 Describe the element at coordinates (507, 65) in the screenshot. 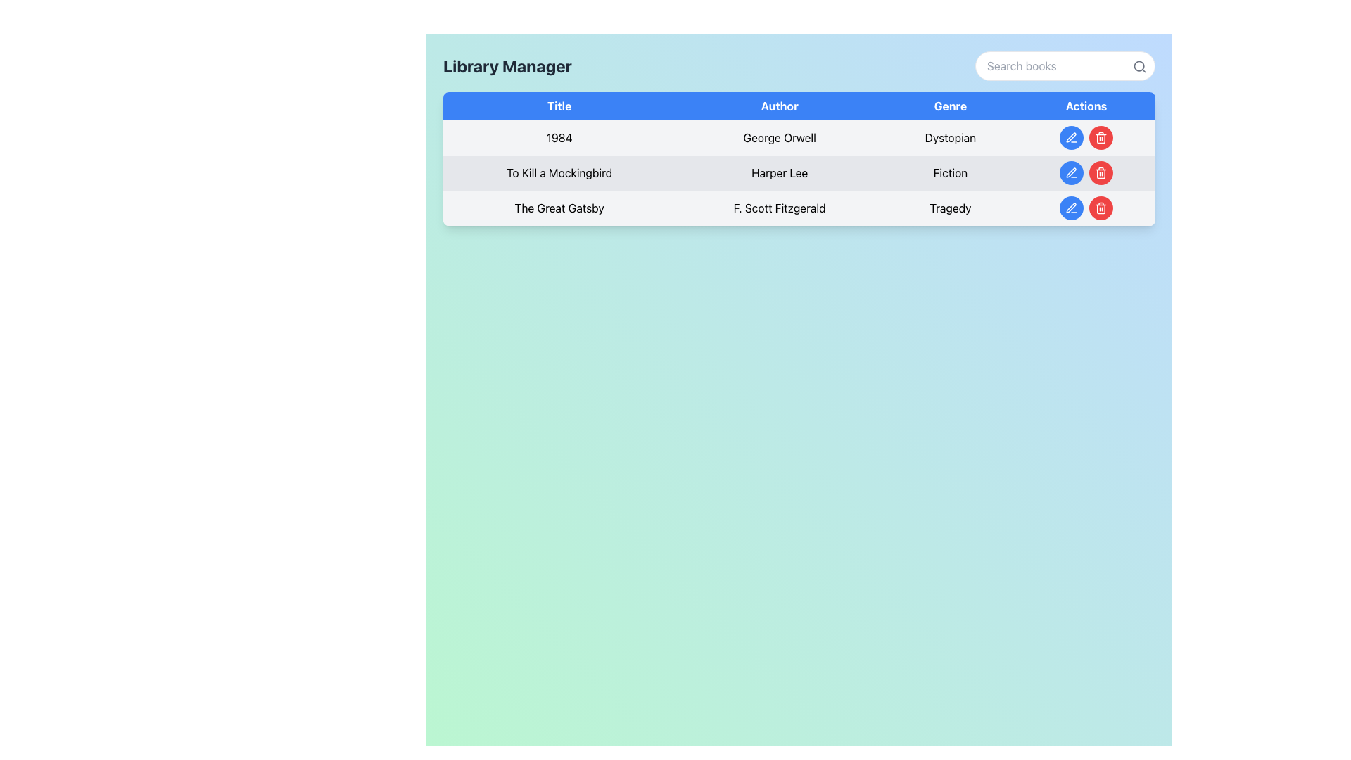

I see `the static text element that serves as the title indicating the purpose or functionality of the interface, located at the leftmost side of the header section` at that location.